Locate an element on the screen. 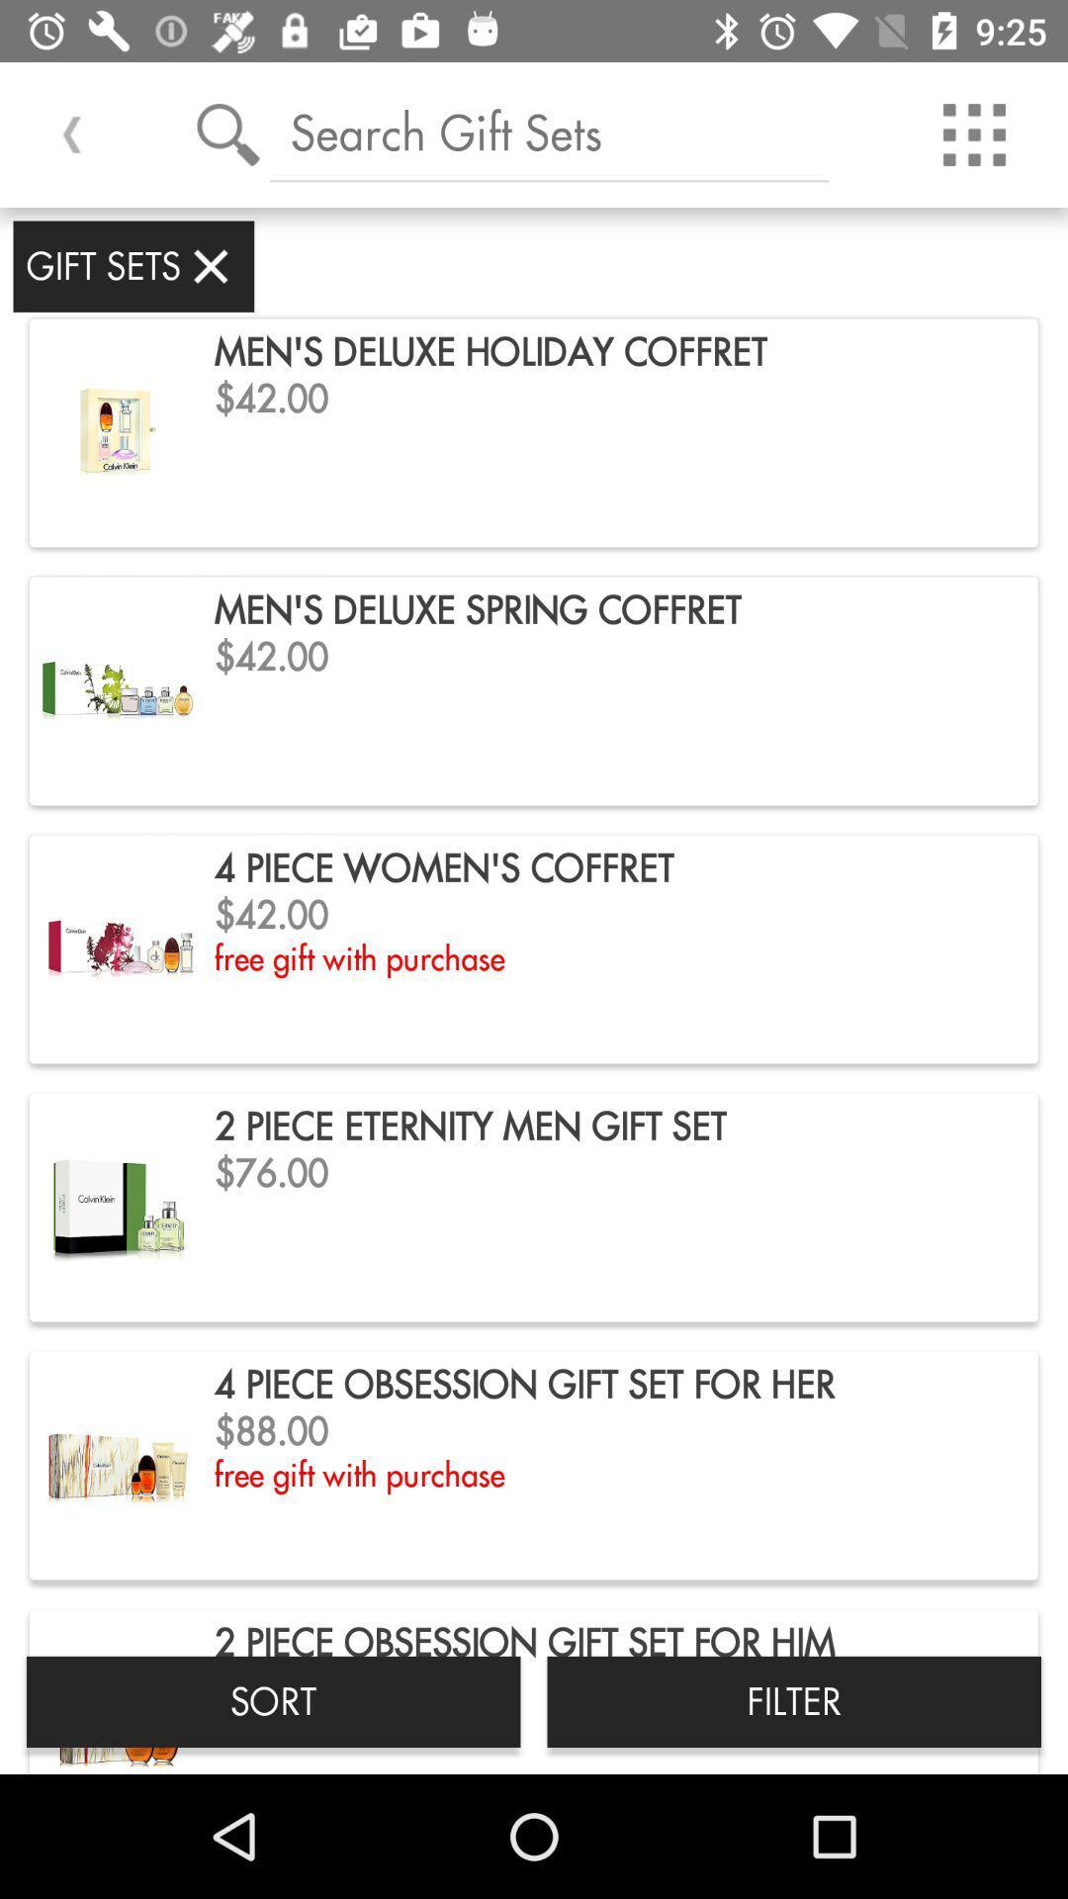  item above gift sets is located at coordinates (71, 134).